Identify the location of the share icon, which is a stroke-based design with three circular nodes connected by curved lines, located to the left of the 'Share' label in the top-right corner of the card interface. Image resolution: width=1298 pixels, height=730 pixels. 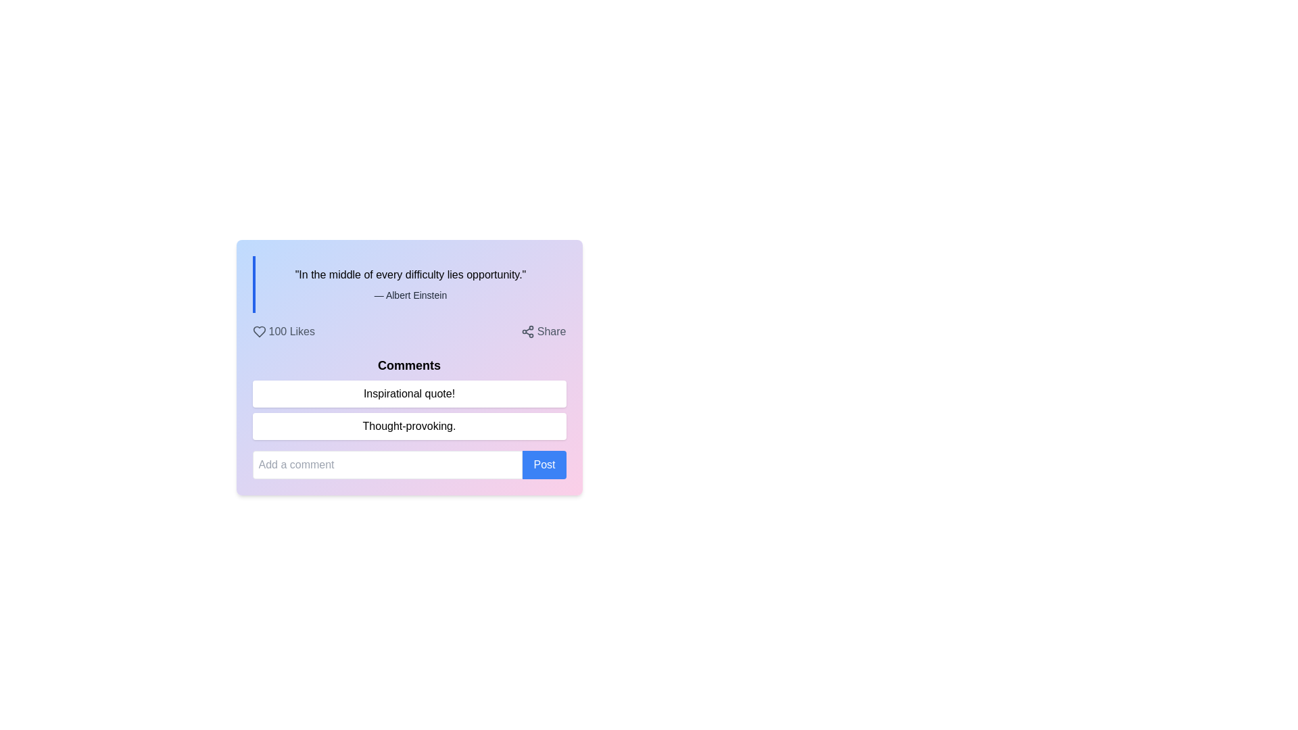
(527, 331).